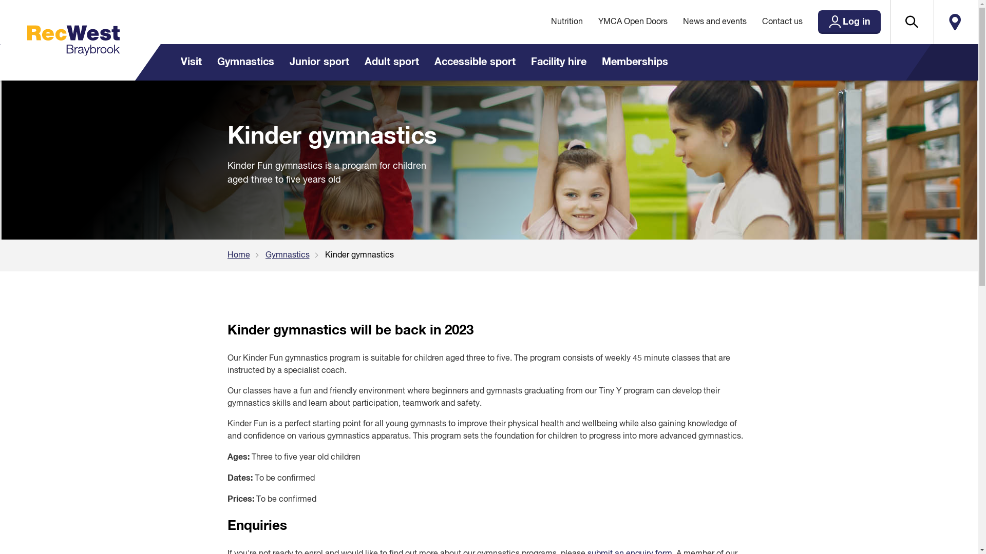 The height and width of the screenshot is (554, 986). Describe the element at coordinates (955, 22) in the screenshot. I see `'Locate'` at that location.